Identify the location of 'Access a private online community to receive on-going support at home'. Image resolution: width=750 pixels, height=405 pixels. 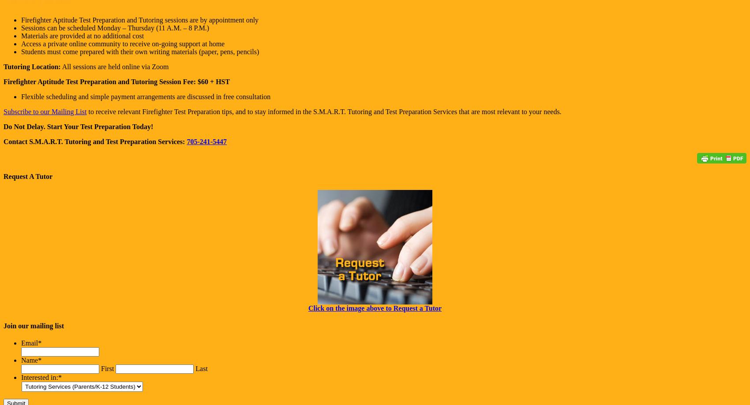
(123, 43).